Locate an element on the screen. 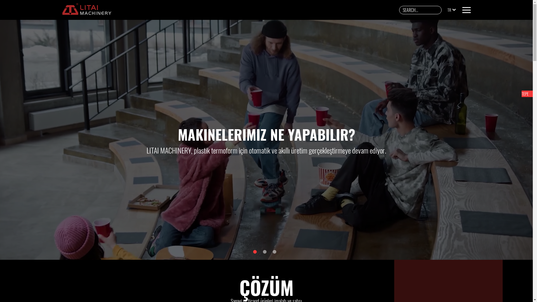 This screenshot has height=302, width=537. '1' is located at coordinates (255, 252).